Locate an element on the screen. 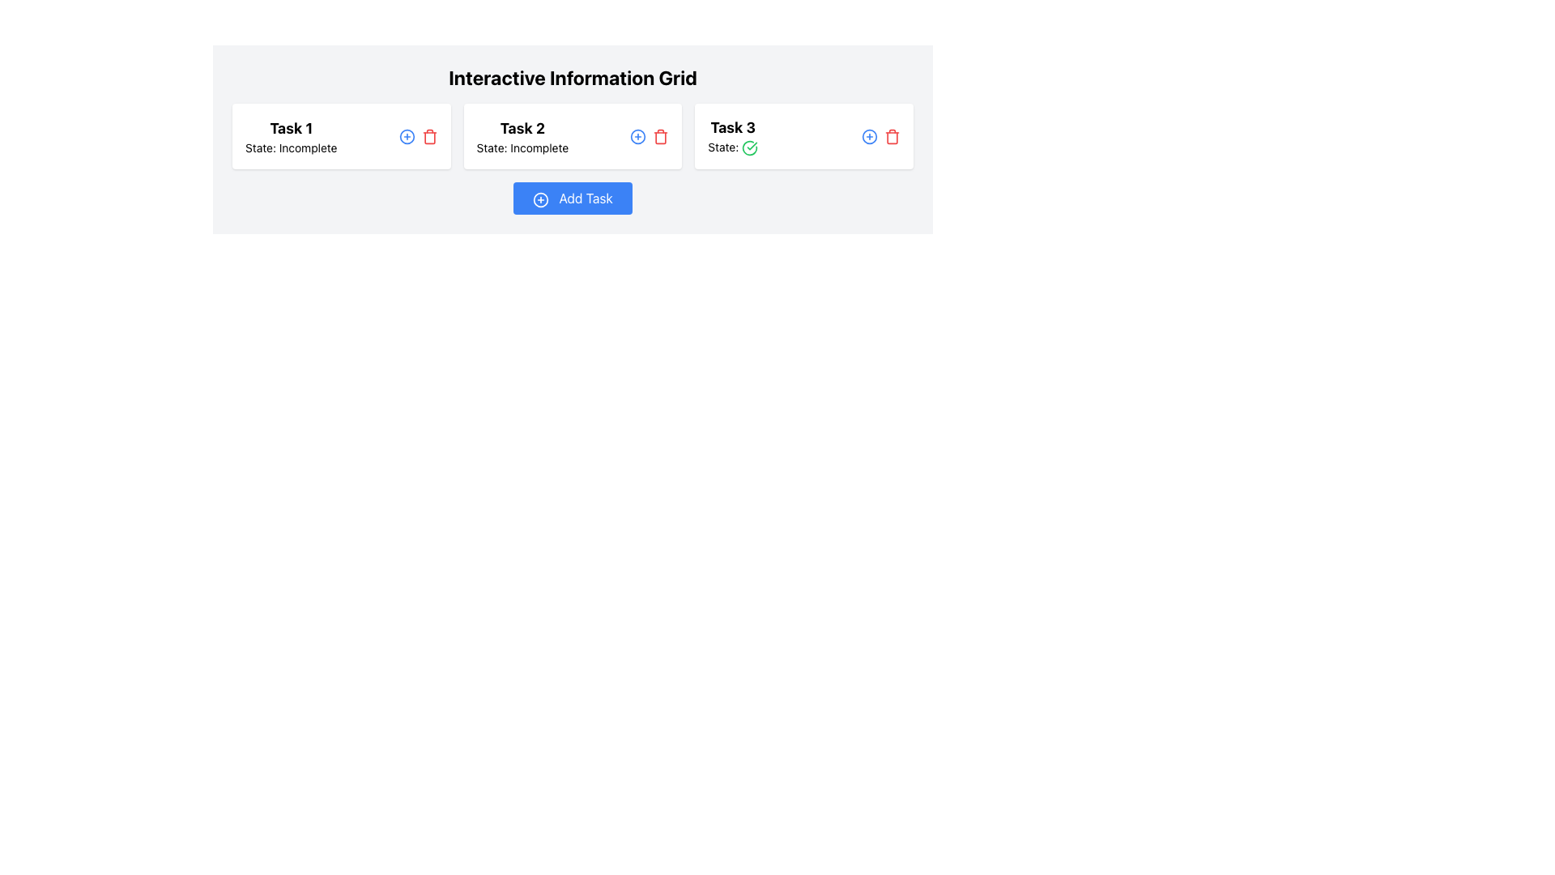  the trash bin button located in the third task card under the label 'Task 3' is located at coordinates (891, 135).